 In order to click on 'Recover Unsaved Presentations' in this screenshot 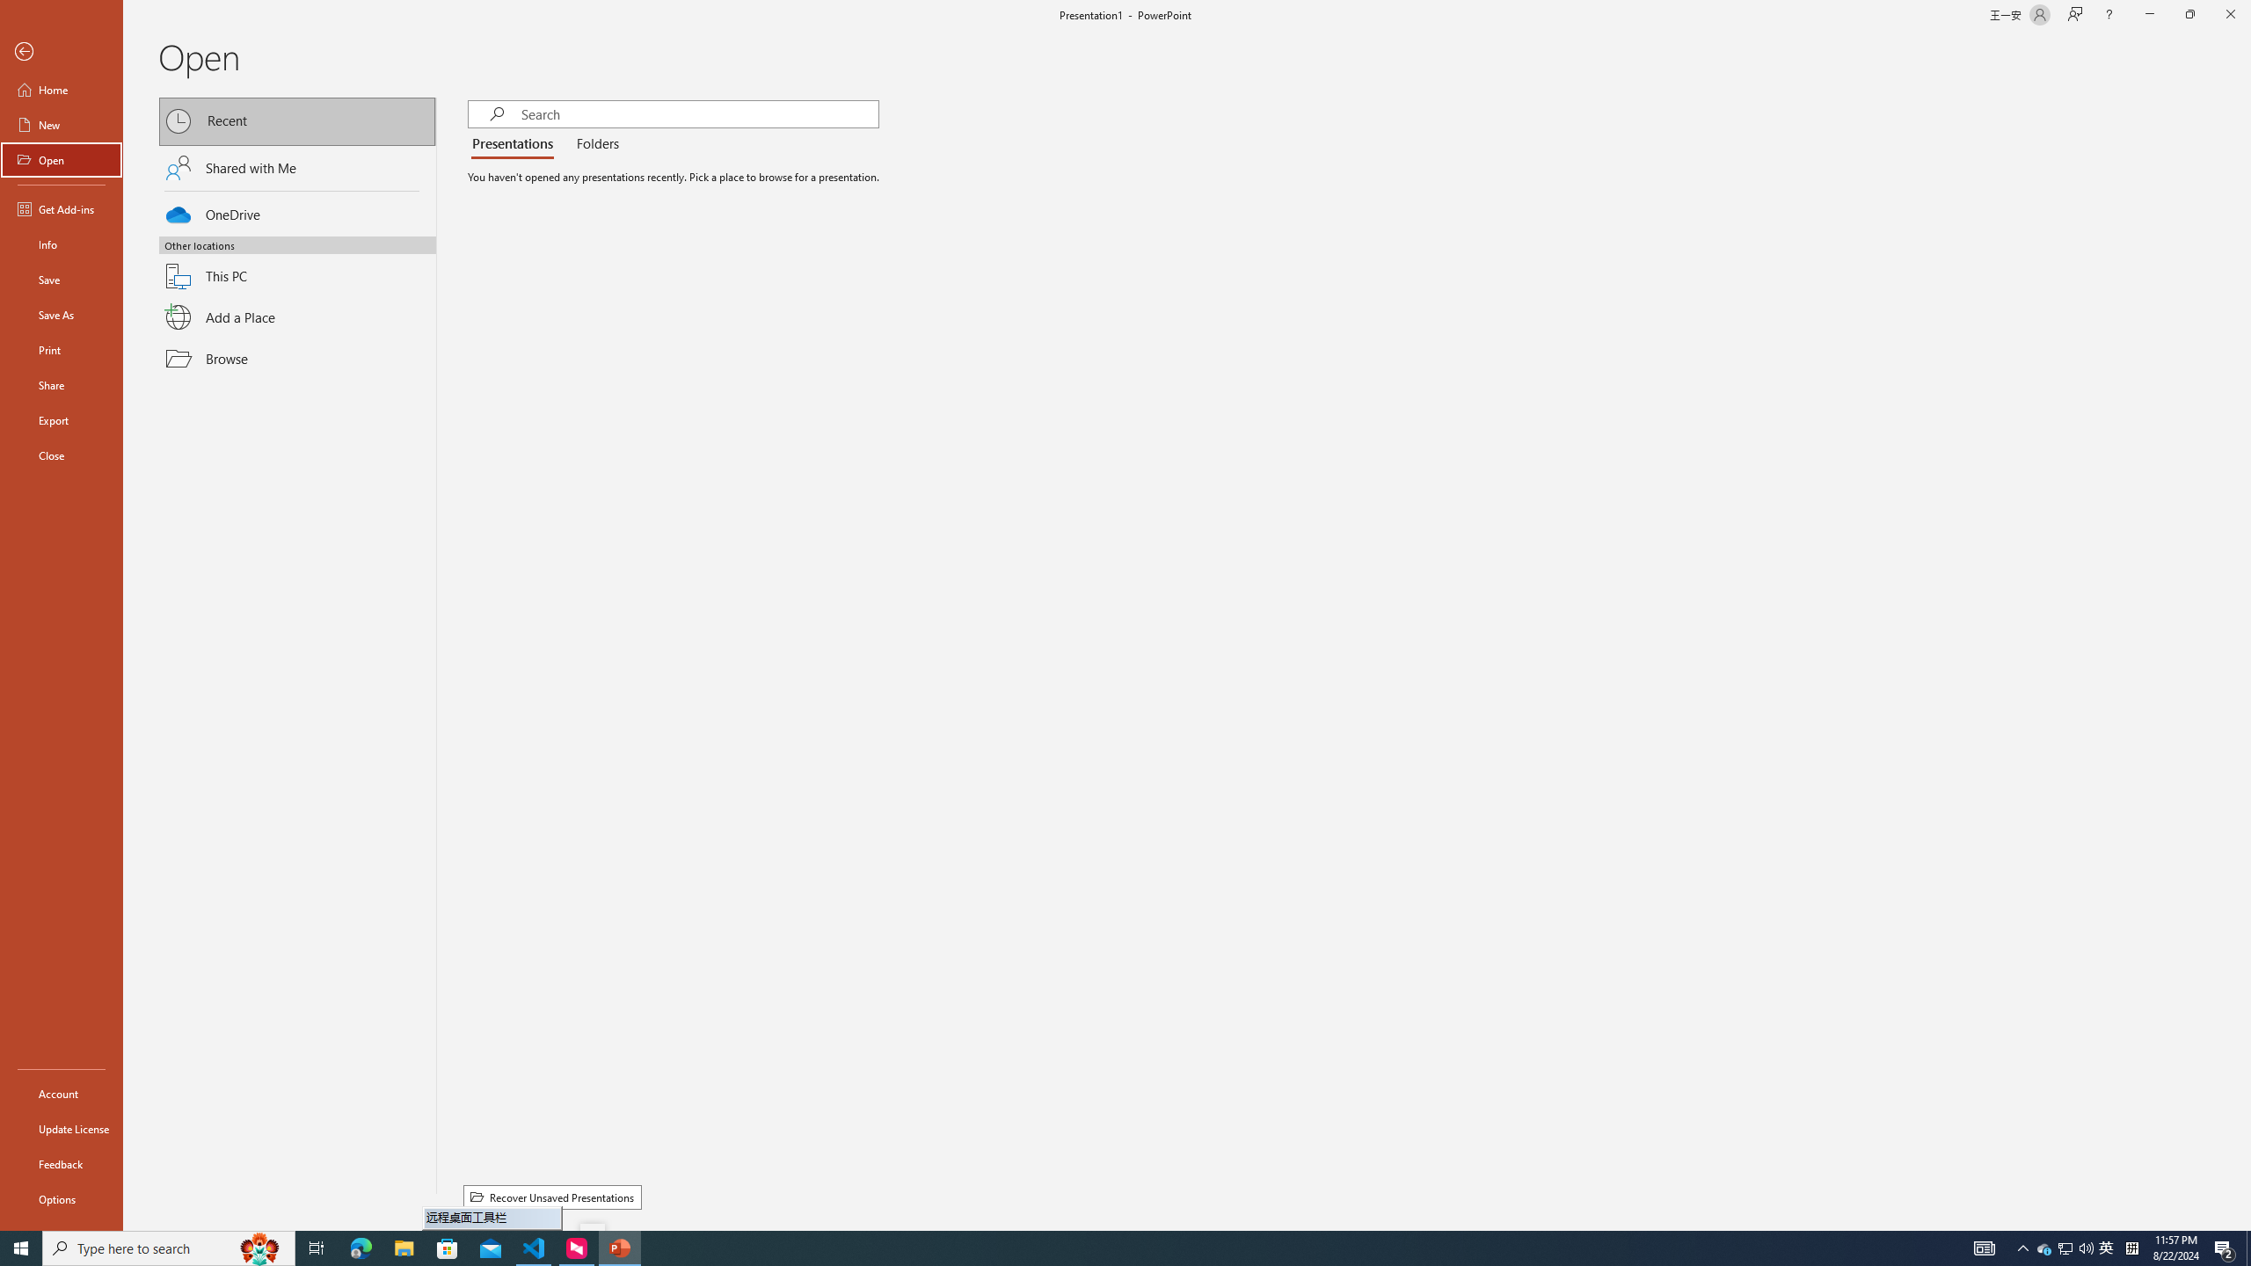, I will do `click(551, 1197)`.